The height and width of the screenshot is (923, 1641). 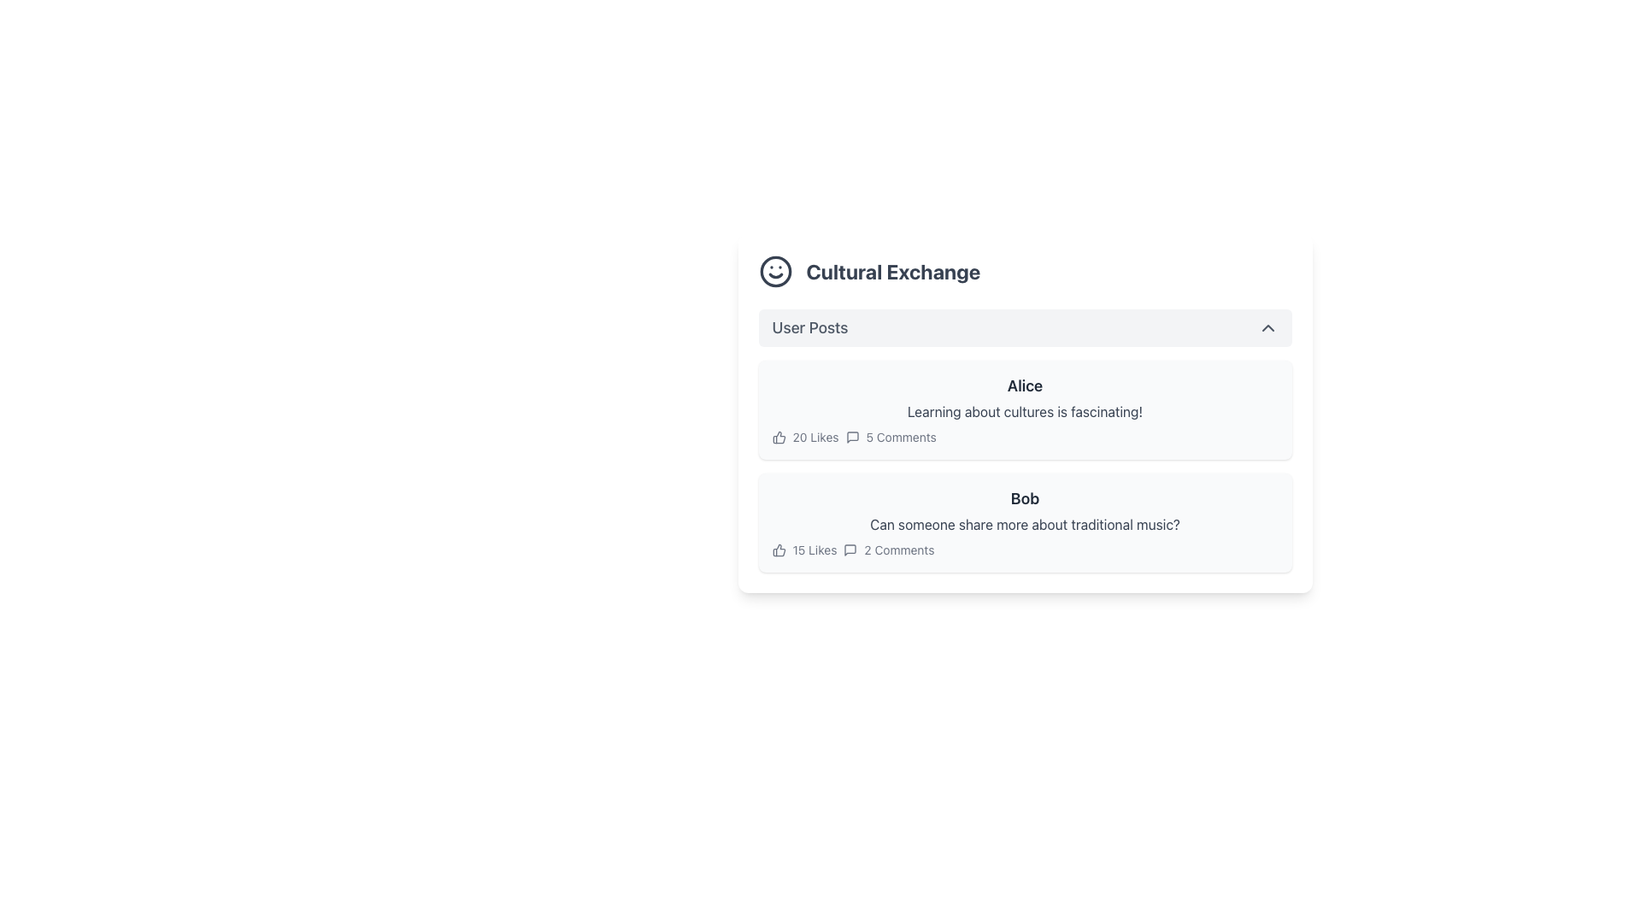 I want to click on the Static Text displaying '20 Likes', which is positioned to the right of a thumbs-up icon in the post metadata section, so click(x=815, y=437).